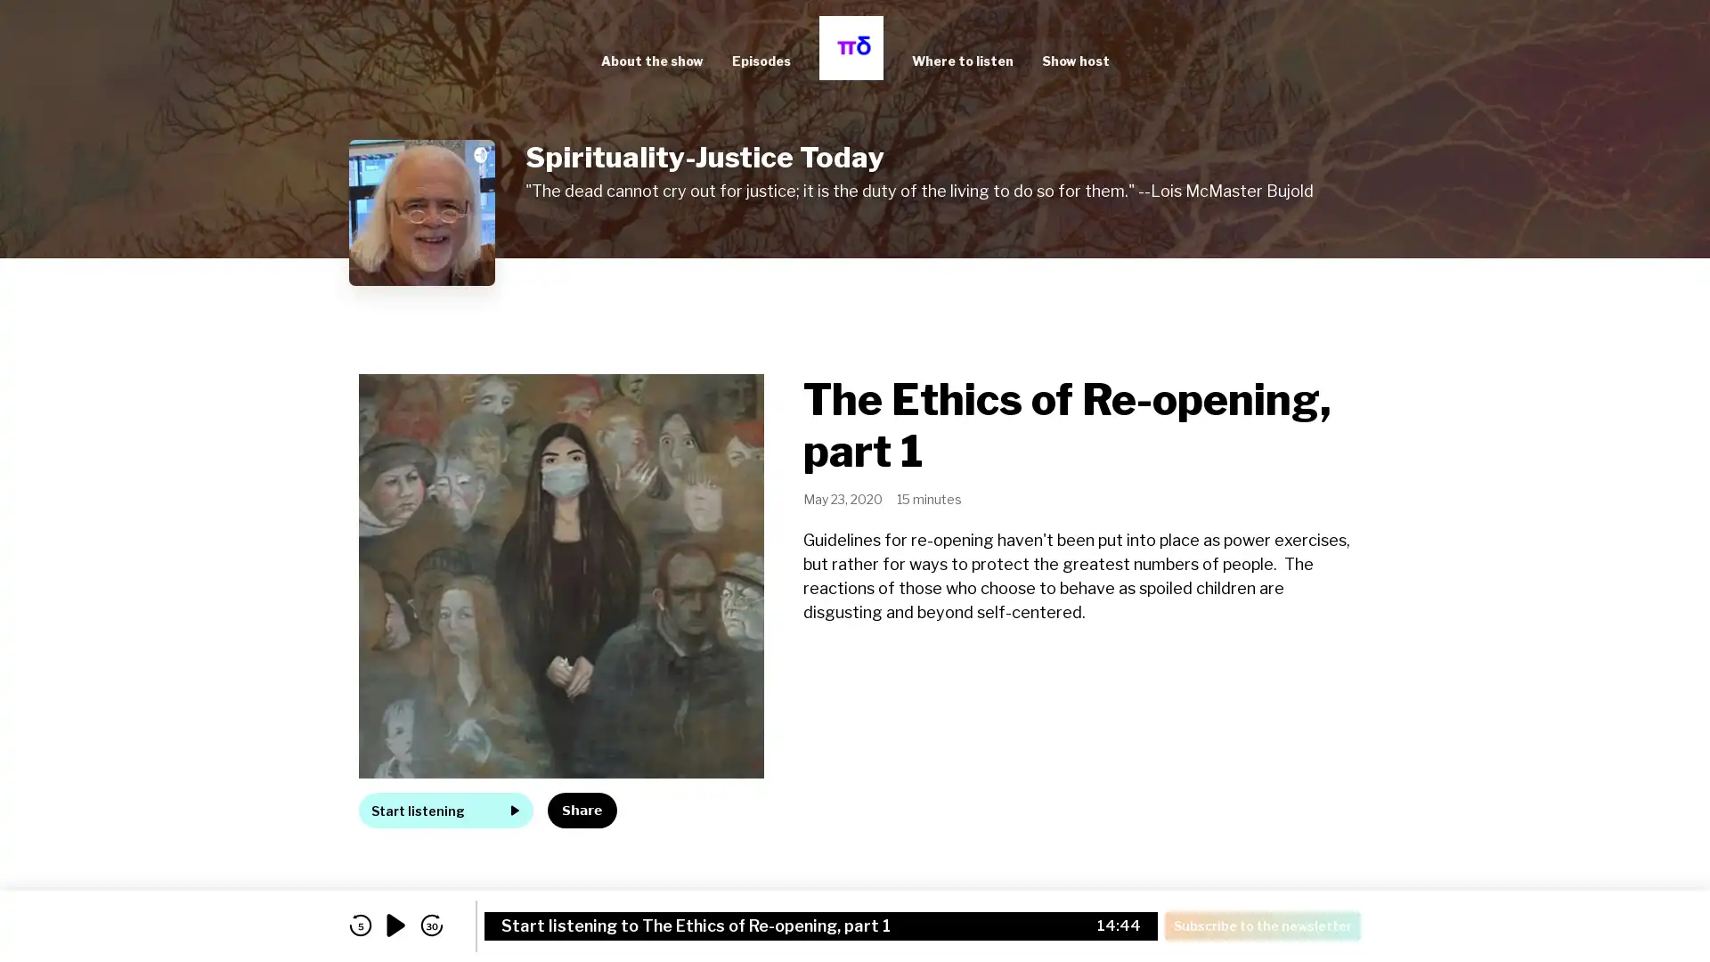 The image size is (1710, 962). I want to click on Start listening, so click(445, 811).